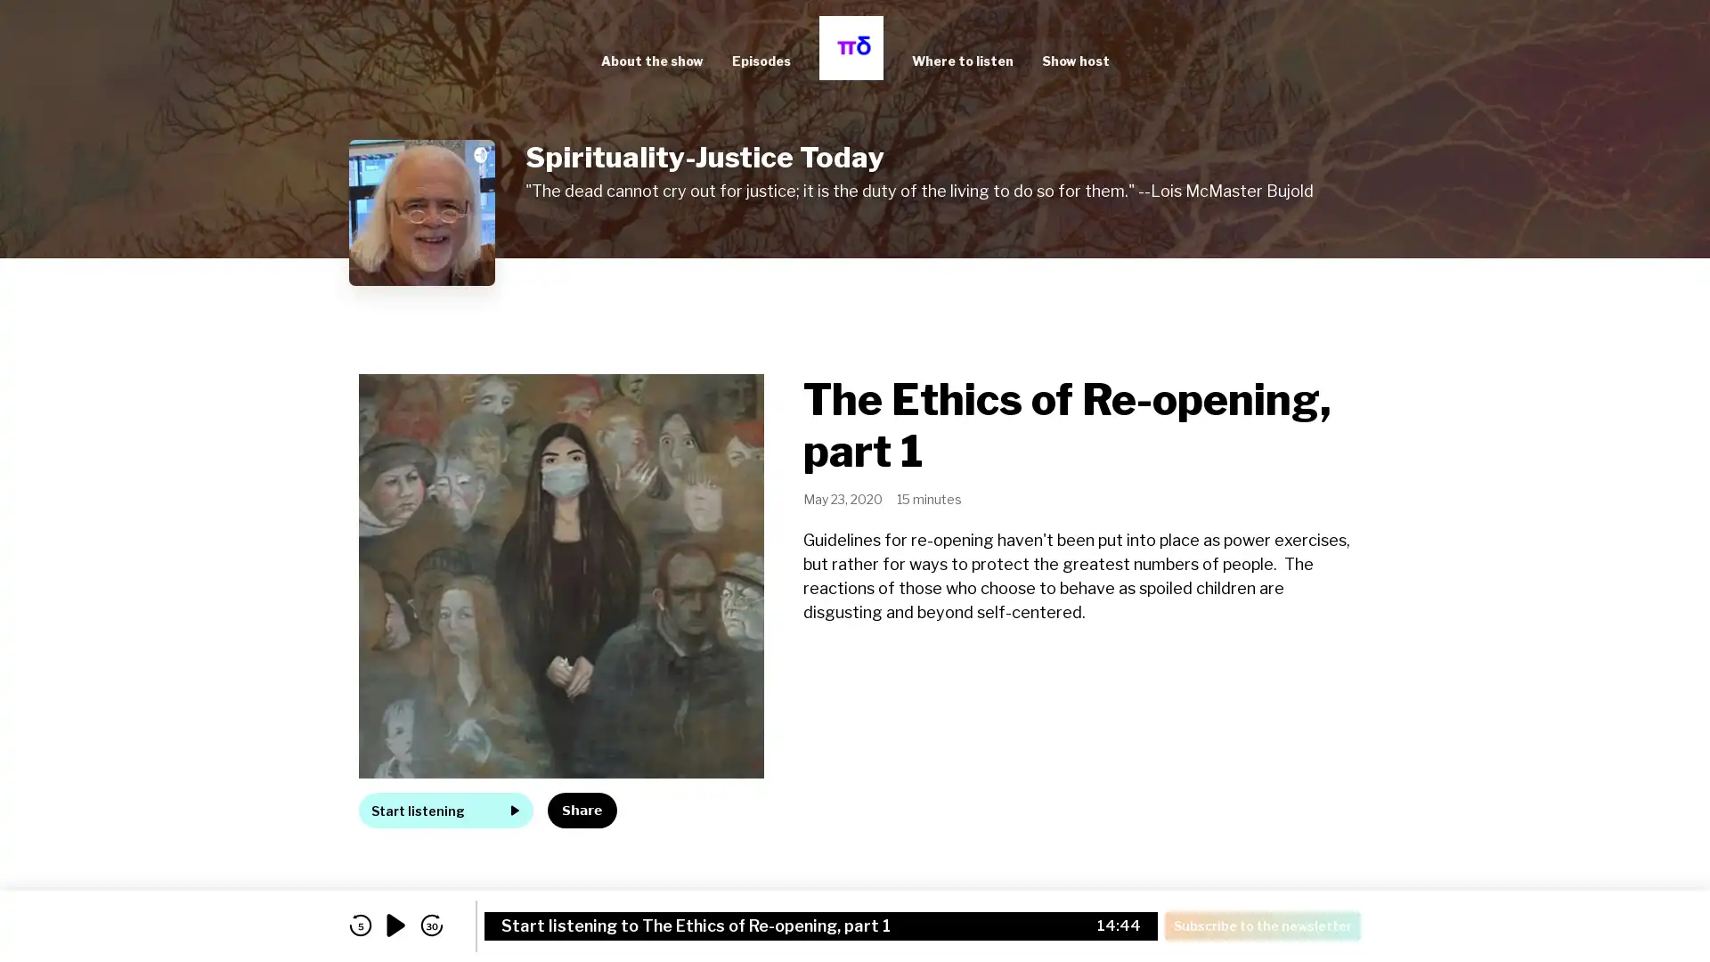 The image size is (1710, 962). I want to click on Start listening, so click(445, 811).